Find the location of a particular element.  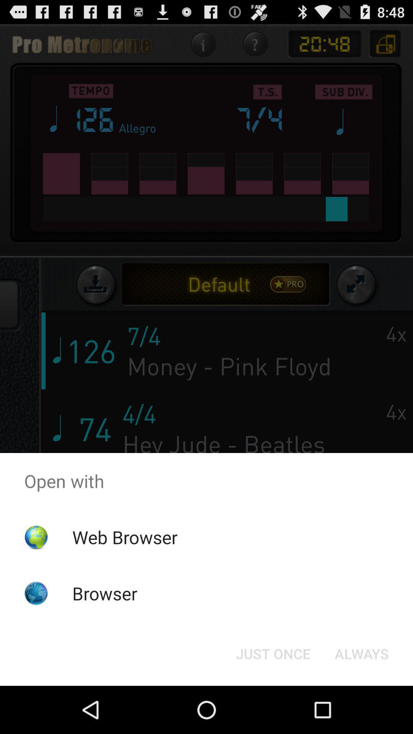

the icon to the right of the just once is located at coordinates (361, 653).